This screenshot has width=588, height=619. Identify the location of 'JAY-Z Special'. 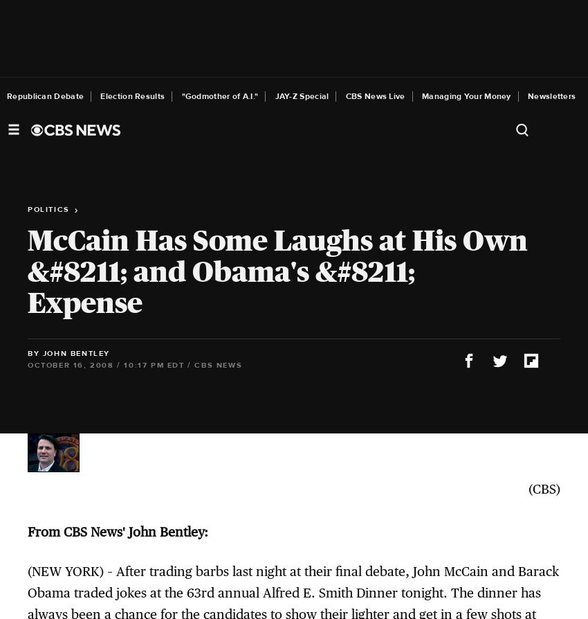
(275, 96).